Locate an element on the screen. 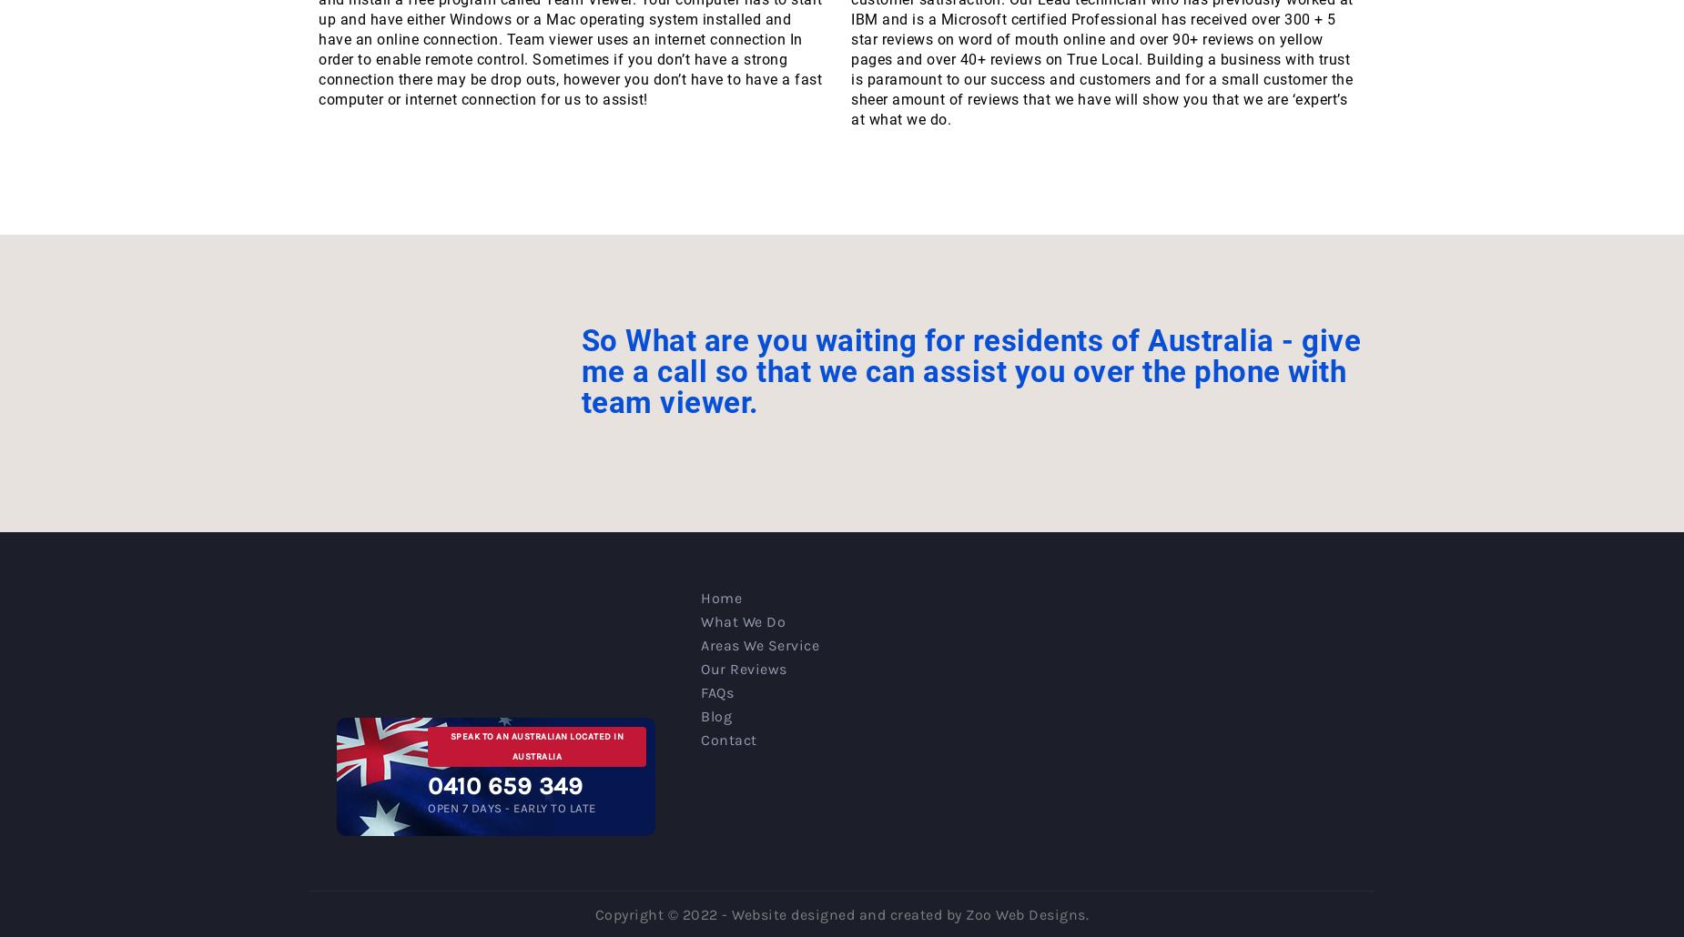  '29, June 2018' is located at coordinates (473, 12).